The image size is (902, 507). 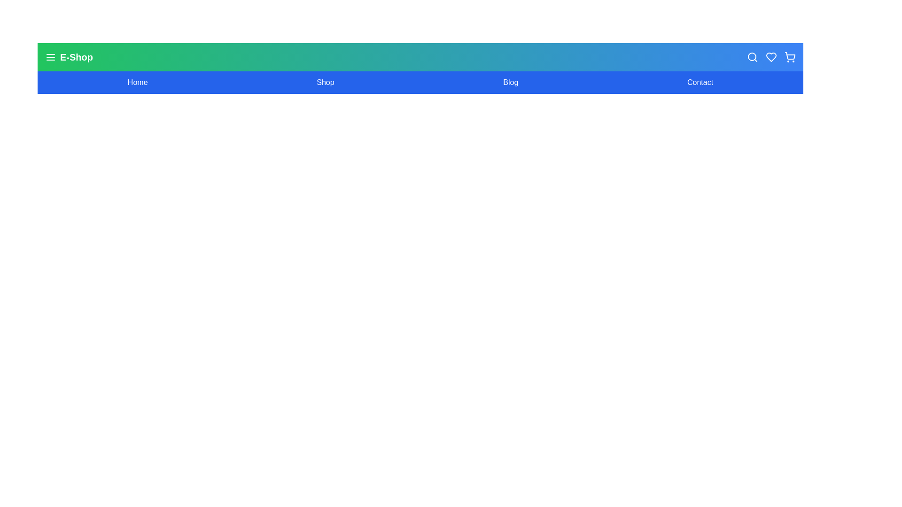 What do you see at coordinates (753, 57) in the screenshot?
I see `the search icon in the header` at bounding box center [753, 57].